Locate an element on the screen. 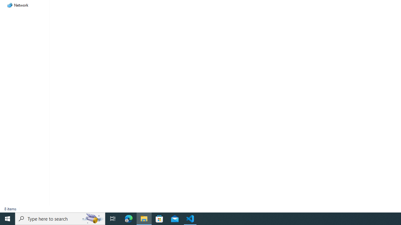 The width and height of the screenshot is (401, 225). 'File Explorer - 1 running window' is located at coordinates (144, 218).